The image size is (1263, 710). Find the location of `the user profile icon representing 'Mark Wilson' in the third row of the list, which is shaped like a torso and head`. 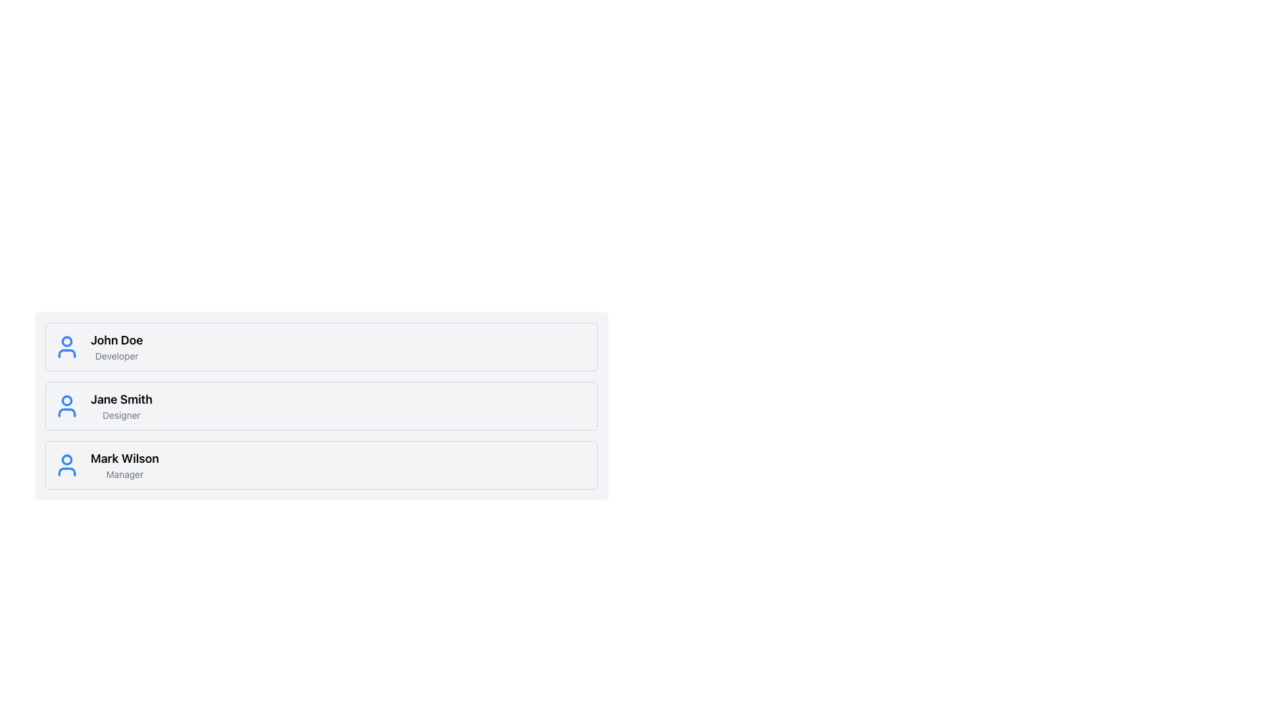

the user profile icon representing 'Mark Wilson' in the third row of the list, which is shaped like a torso and head is located at coordinates (66, 471).